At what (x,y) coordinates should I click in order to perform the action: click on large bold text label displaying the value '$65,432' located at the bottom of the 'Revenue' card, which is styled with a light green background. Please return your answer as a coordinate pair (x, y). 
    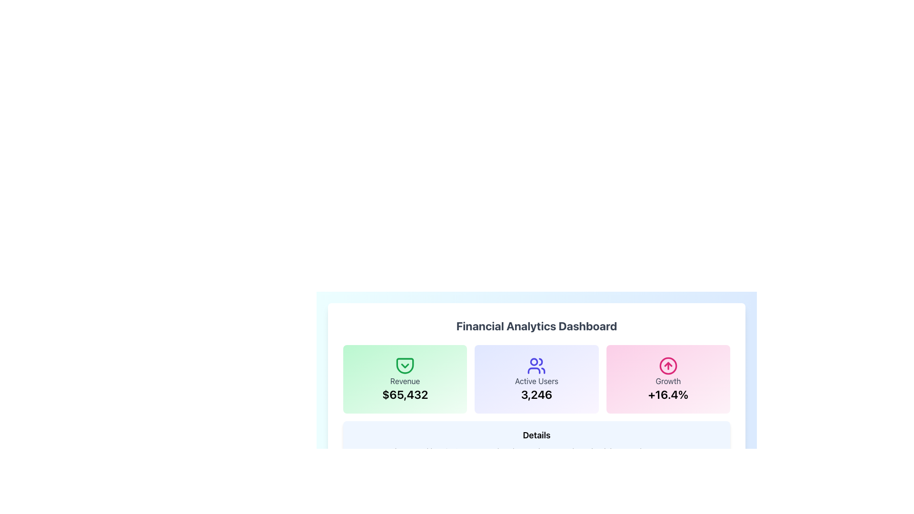
    Looking at the image, I should click on (405, 395).